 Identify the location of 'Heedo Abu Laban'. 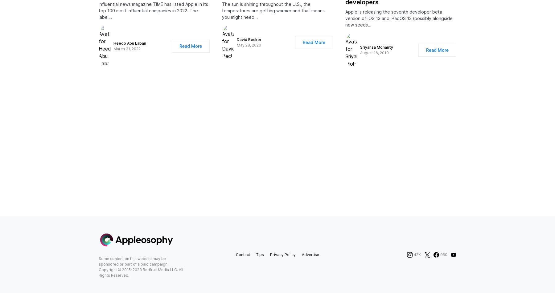
(130, 49).